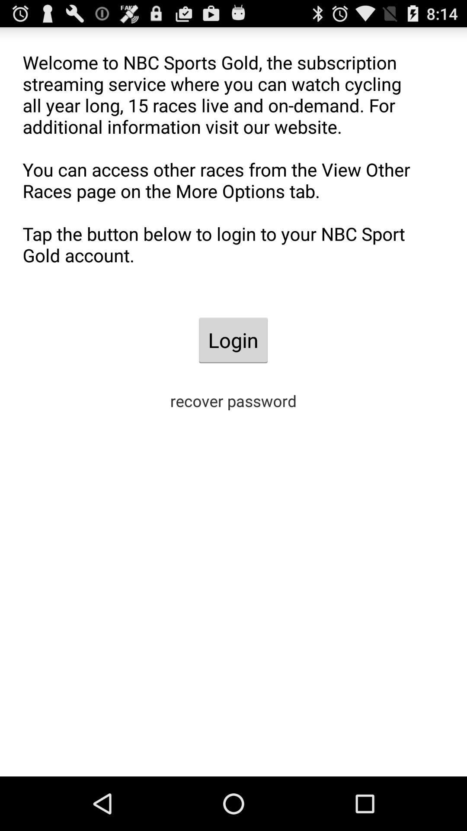  I want to click on recover password icon, so click(233, 400).